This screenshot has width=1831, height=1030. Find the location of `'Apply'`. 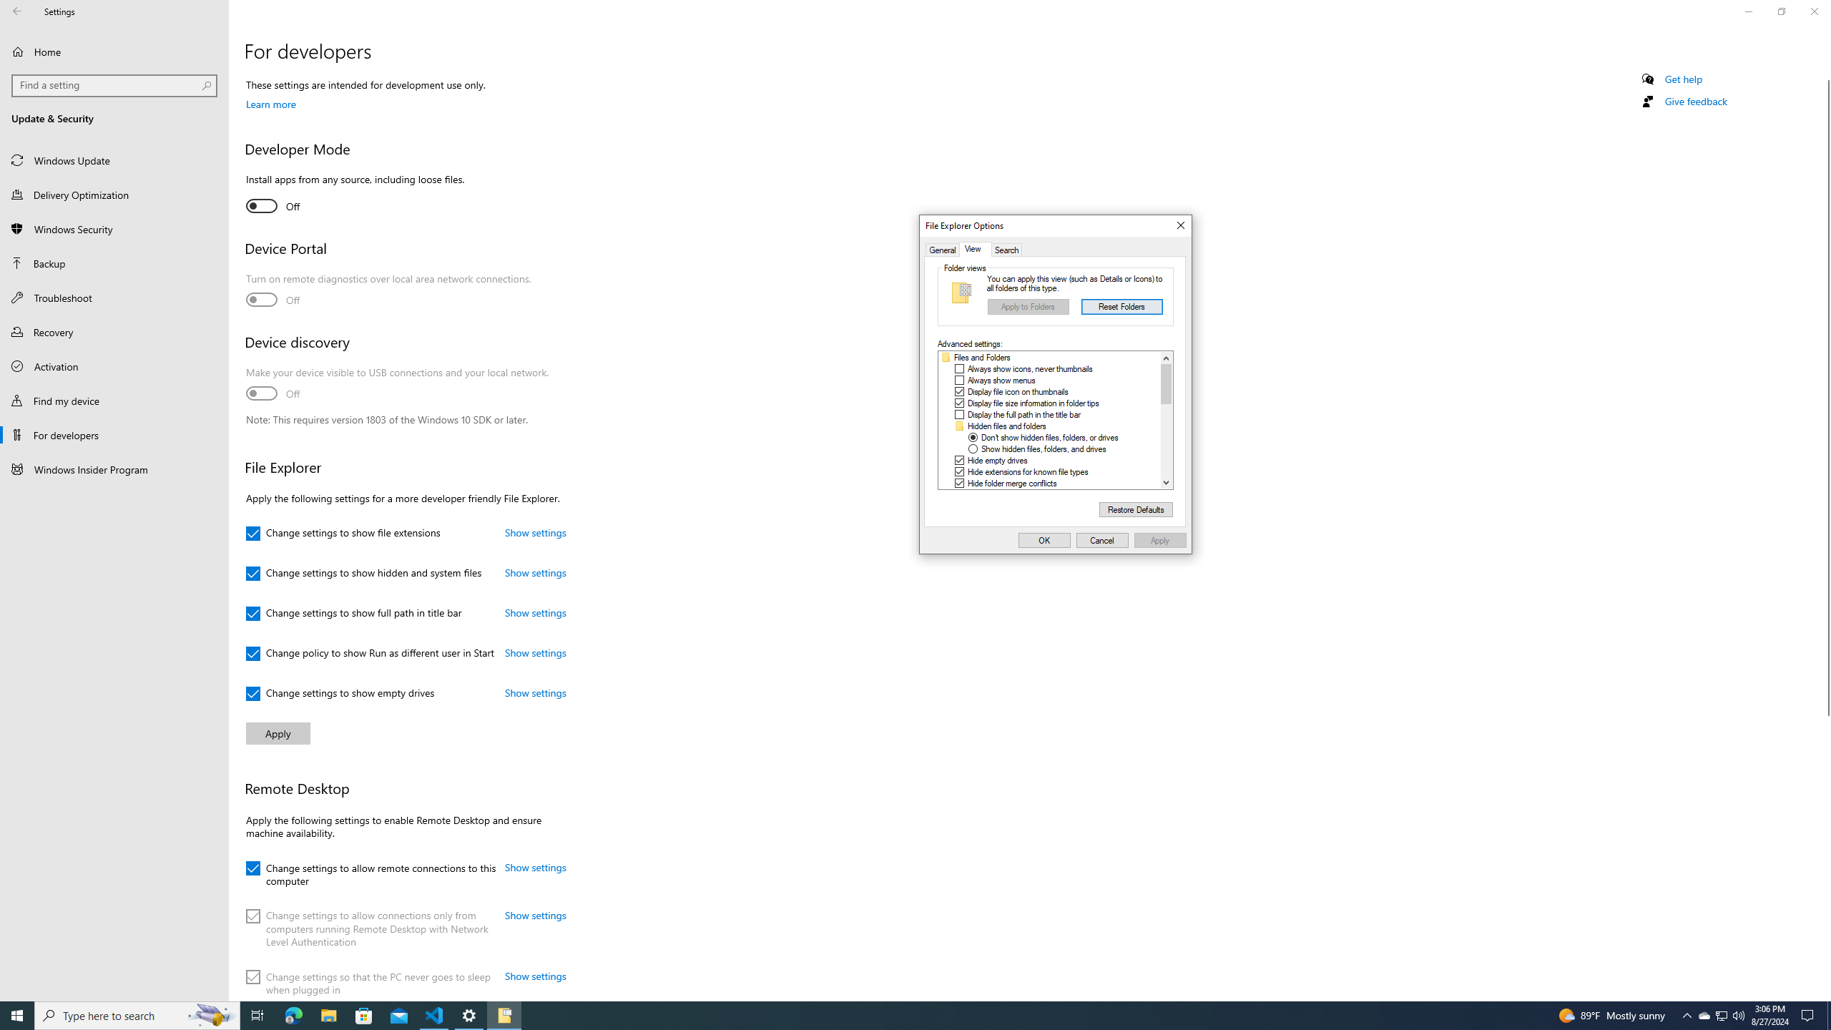

'Apply' is located at coordinates (1159, 540).